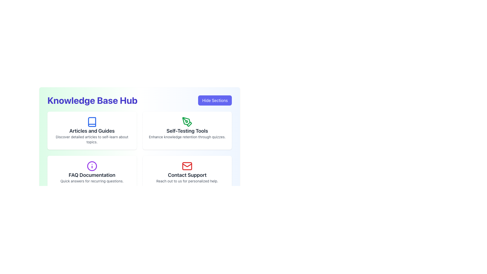 This screenshot has height=274, width=487. What do you see at coordinates (92, 175) in the screenshot?
I see `static text label reading 'FAQ Documentation', which is styled with bold, dark gray text and located in the center-left of the interface` at bounding box center [92, 175].